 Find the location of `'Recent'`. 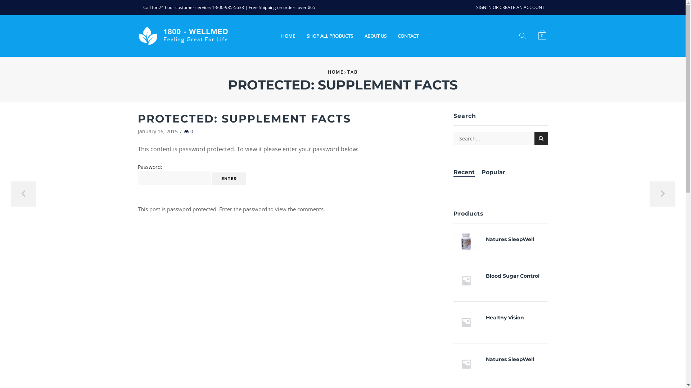

'Recent' is located at coordinates (464, 172).